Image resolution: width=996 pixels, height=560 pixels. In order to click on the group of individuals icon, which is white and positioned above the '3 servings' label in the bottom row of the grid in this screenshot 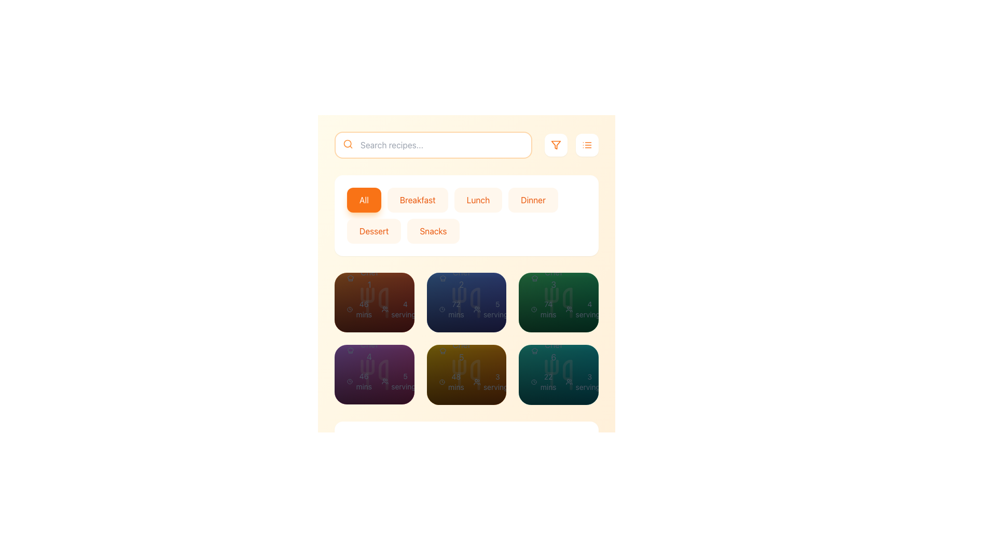, I will do `click(477, 382)`.